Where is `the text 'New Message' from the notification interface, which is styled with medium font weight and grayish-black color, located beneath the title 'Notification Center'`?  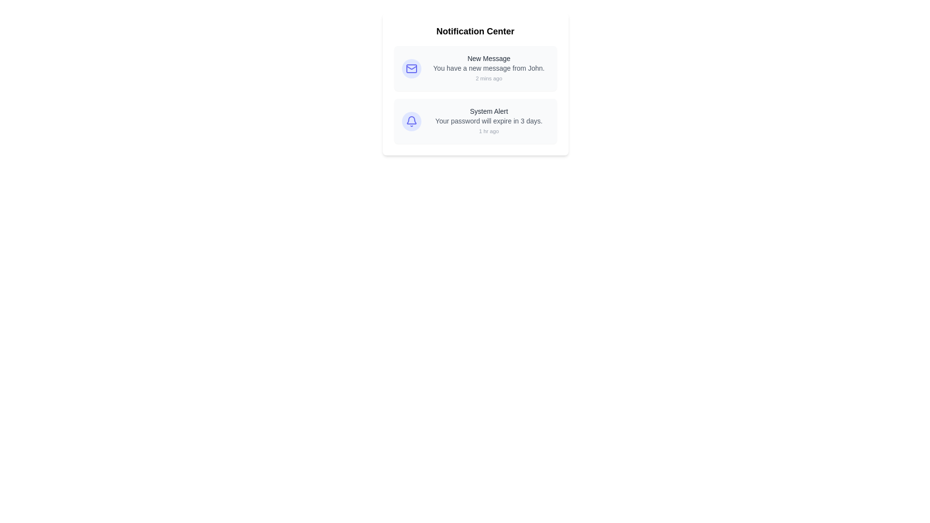 the text 'New Message' from the notification interface, which is styled with medium font weight and grayish-black color, located beneath the title 'Notification Center' is located at coordinates (489, 58).